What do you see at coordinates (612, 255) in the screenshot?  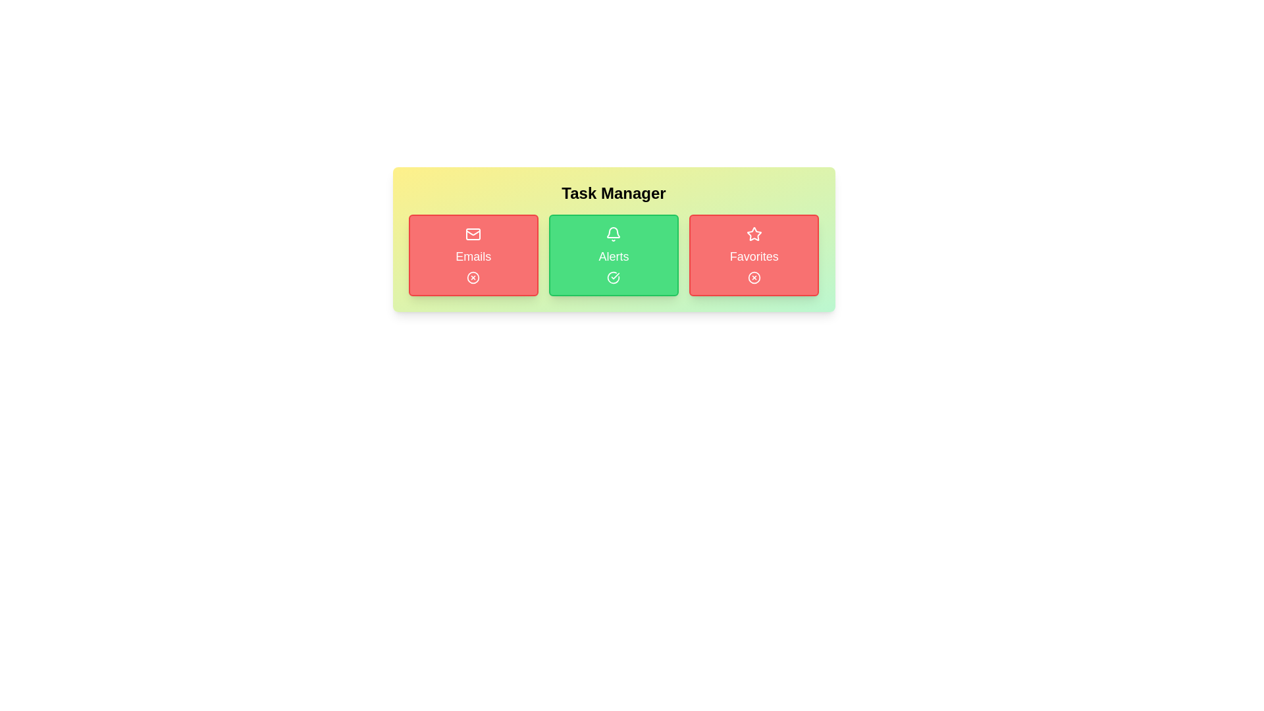 I see `the task button labeled 'Alerts' to inspect its icon` at bounding box center [612, 255].